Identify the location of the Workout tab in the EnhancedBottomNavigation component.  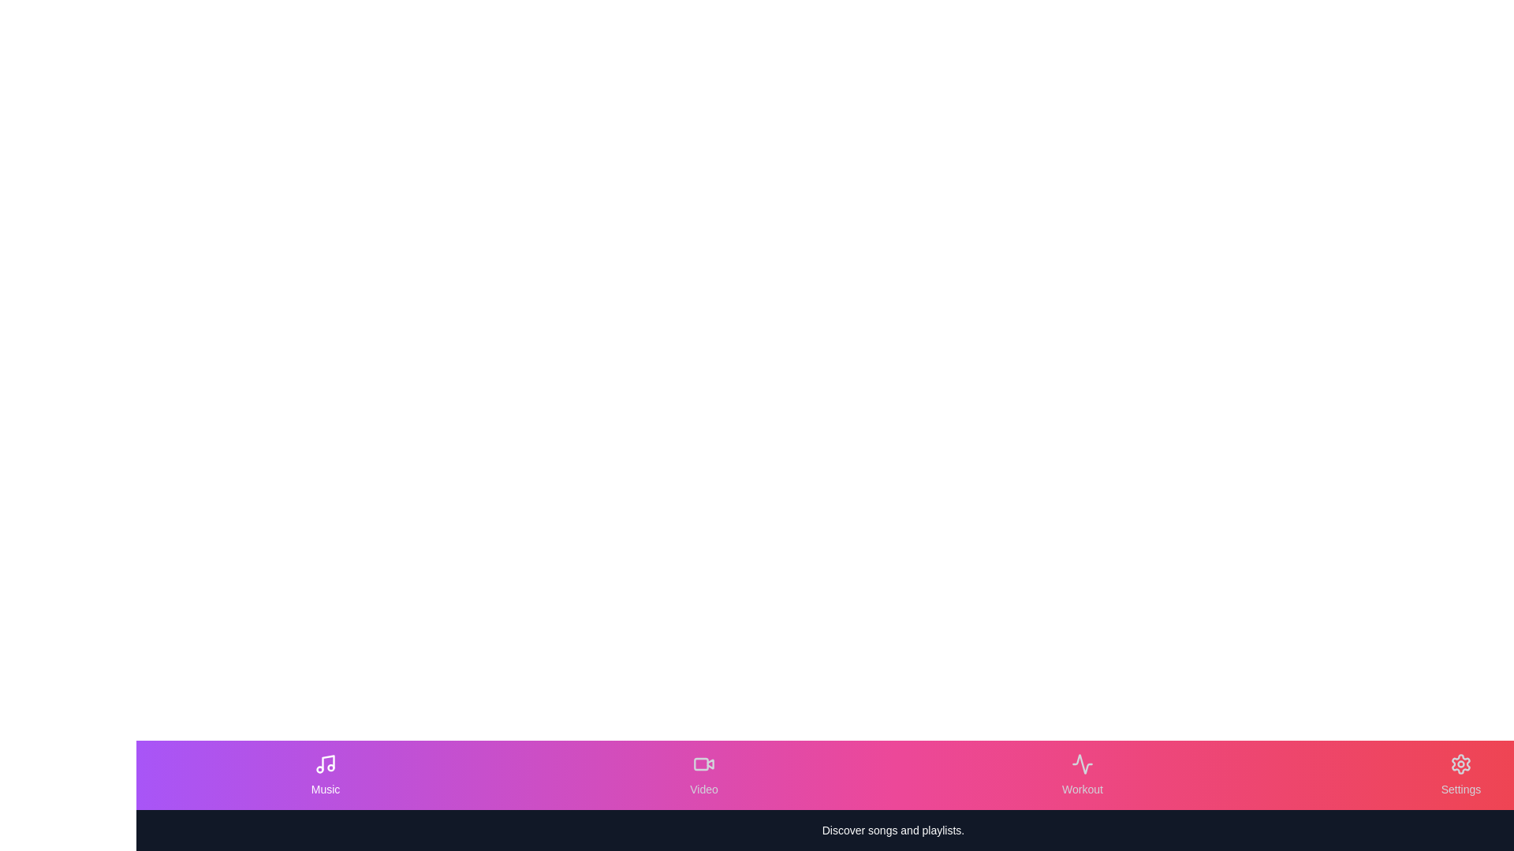
(1081, 774).